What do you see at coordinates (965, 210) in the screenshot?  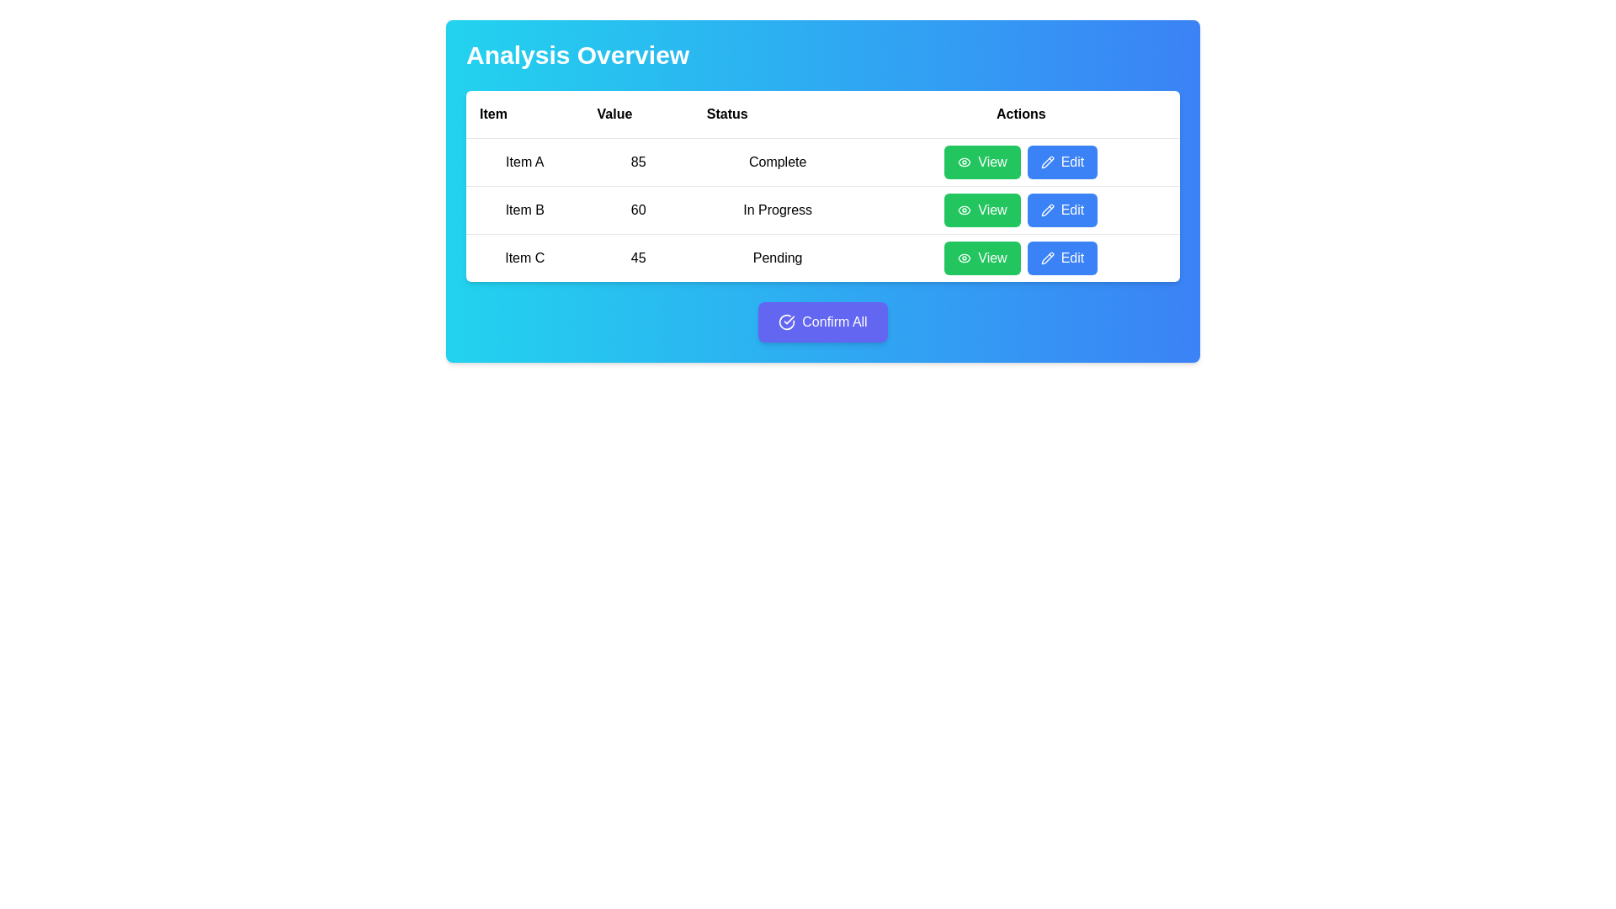 I see `the eye icon representing visibility, located in the second row of the table under the 'Actions' column` at bounding box center [965, 210].